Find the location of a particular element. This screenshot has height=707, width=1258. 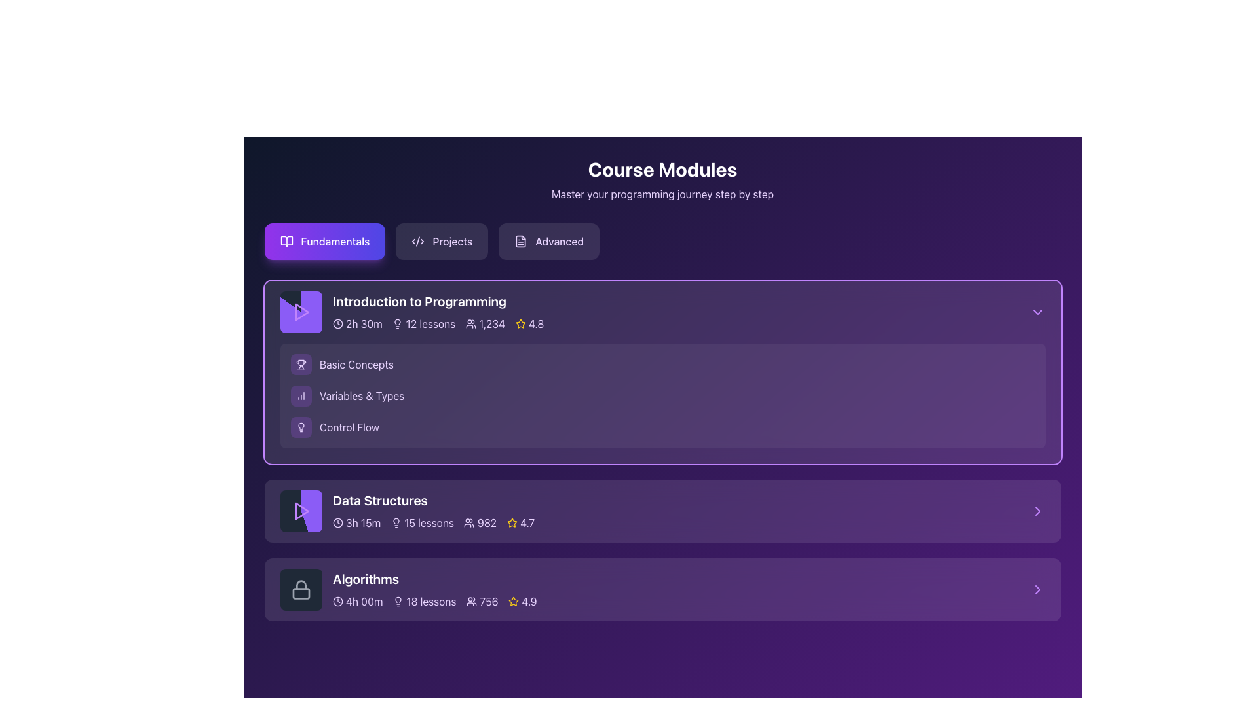

the chevron icon located at the far right of the 'Algorithms' course section to interact and navigate deeper into course details is located at coordinates (1037, 590).